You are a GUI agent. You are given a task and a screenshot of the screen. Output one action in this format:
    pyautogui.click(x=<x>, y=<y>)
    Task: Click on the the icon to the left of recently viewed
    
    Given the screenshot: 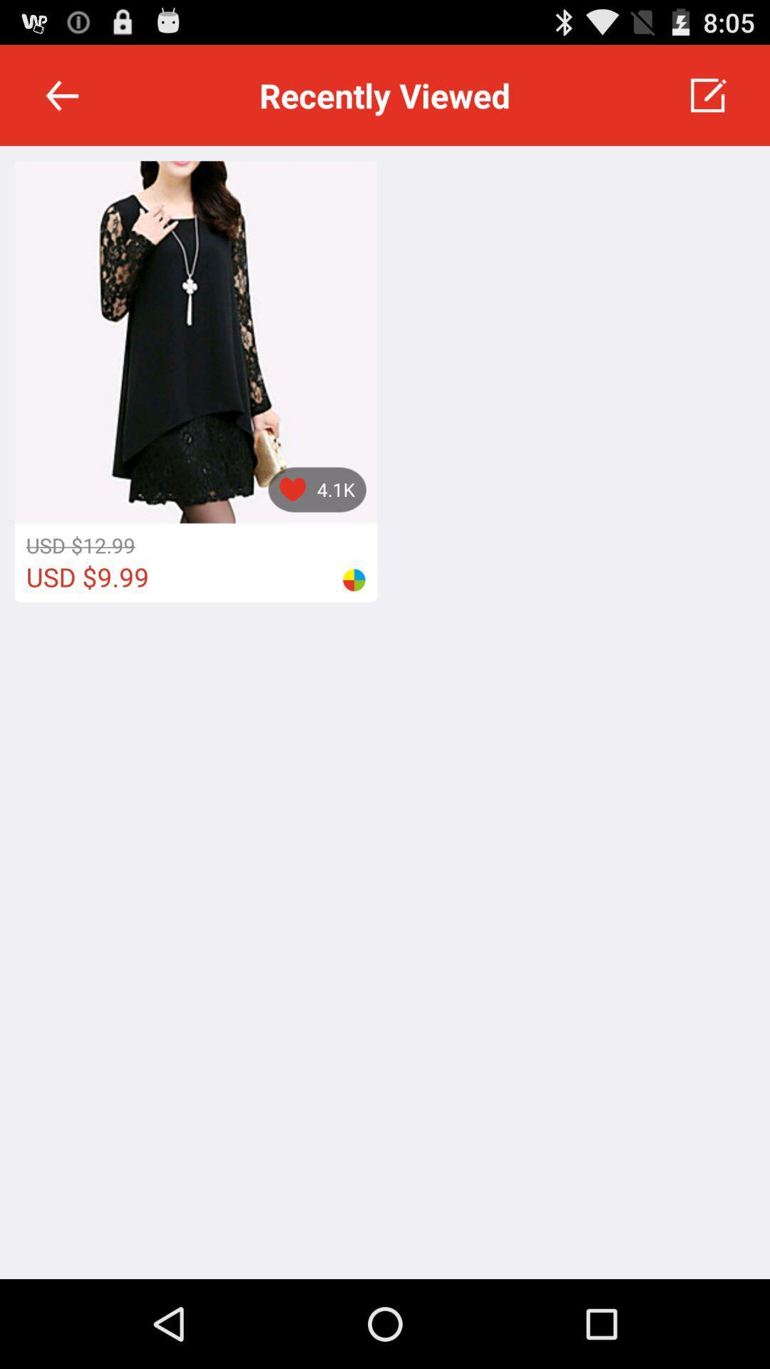 What is the action you would take?
    pyautogui.click(x=61, y=94)
    